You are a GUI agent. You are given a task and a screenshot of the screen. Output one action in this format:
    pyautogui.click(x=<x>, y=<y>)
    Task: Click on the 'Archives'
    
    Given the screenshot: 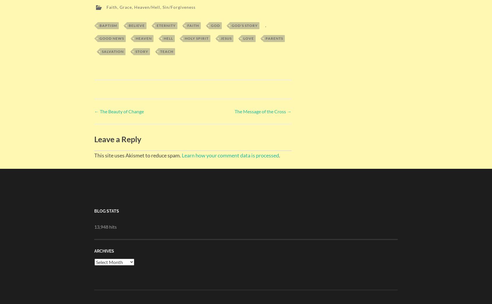 What is the action you would take?
    pyautogui.click(x=104, y=249)
    